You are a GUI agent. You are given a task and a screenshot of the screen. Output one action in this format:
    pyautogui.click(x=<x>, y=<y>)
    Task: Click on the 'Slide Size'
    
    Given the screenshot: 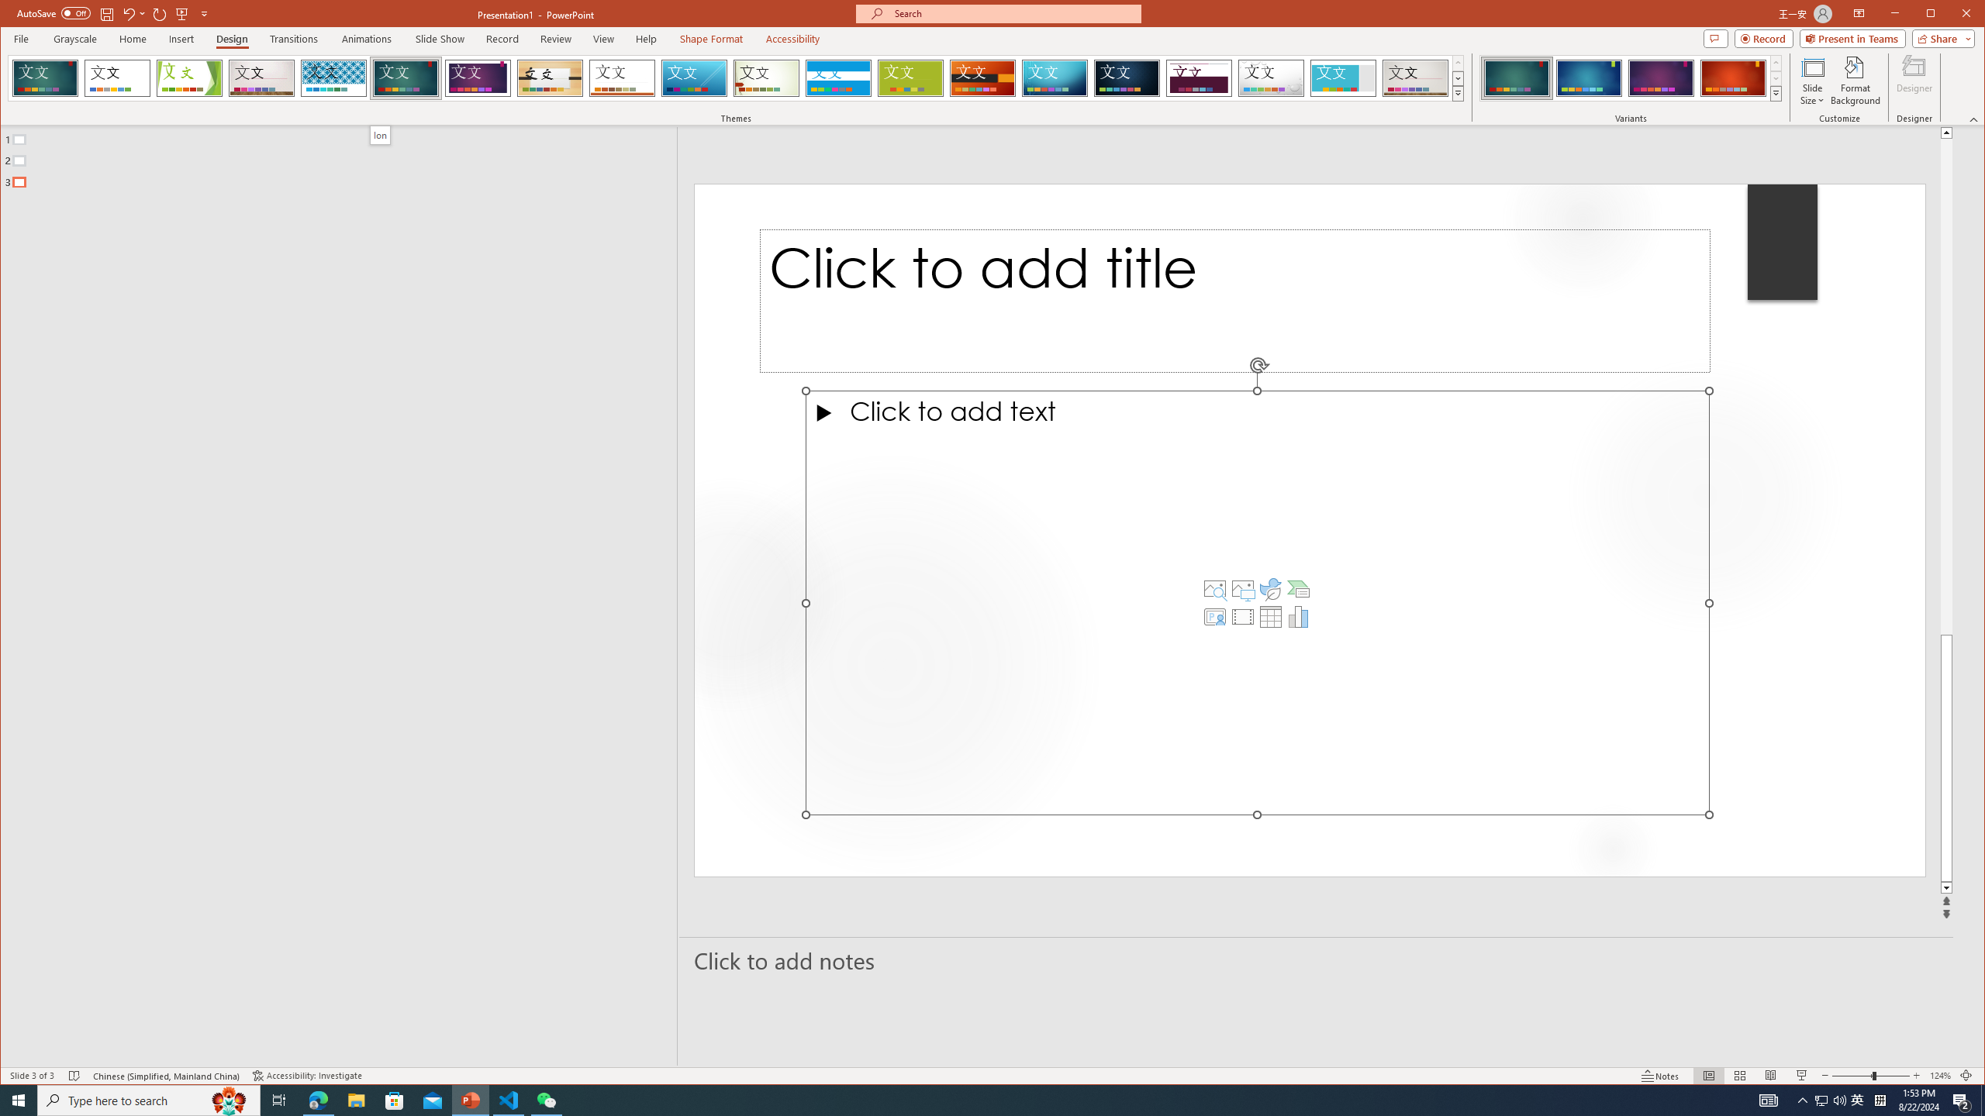 What is the action you would take?
    pyautogui.click(x=1811, y=80)
    